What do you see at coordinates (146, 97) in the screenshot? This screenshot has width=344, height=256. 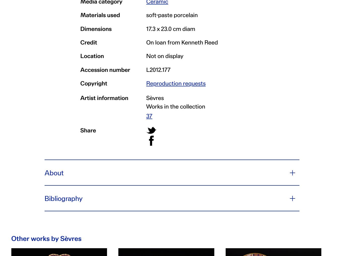 I see `'Sèvres'` at bounding box center [146, 97].